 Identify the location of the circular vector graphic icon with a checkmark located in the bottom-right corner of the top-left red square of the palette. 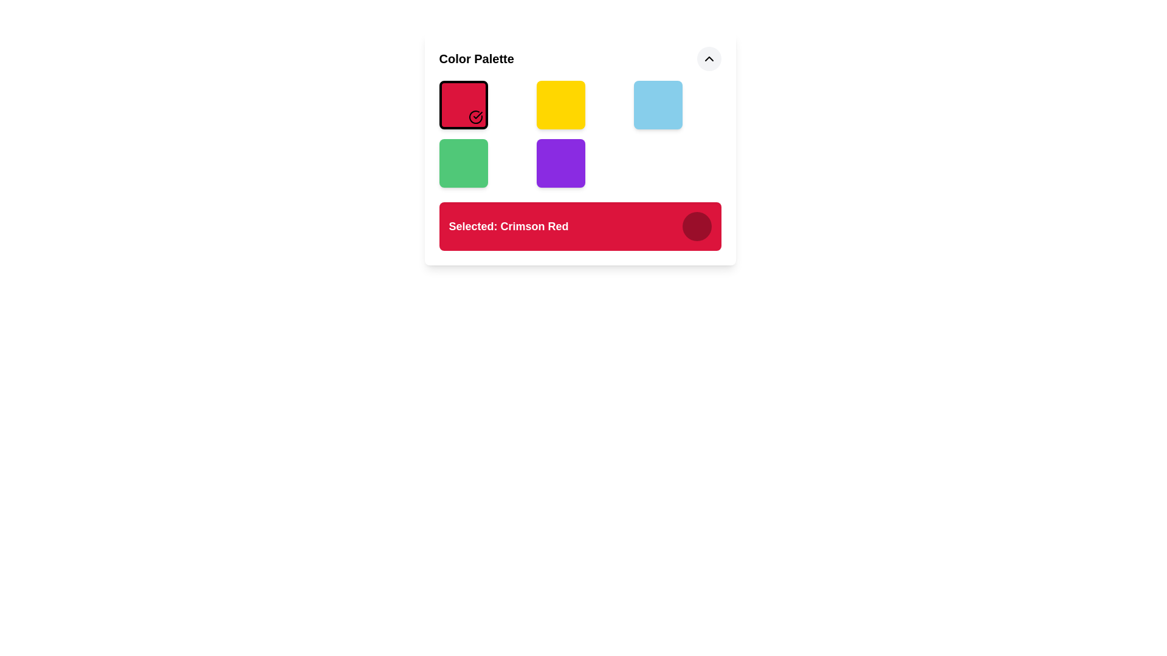
(475, 117).